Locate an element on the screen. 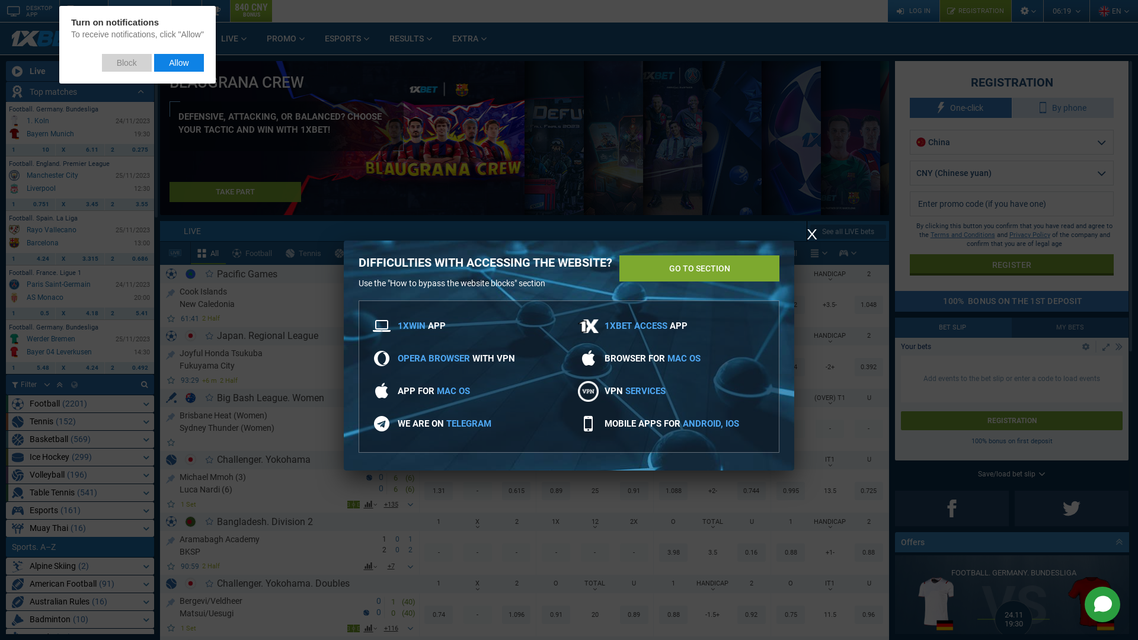 The width and height of the screenshot is (1138, 640). '100% BONUS ON THE 1ST DEPOSIT' is located at coordinates (1011, 300).